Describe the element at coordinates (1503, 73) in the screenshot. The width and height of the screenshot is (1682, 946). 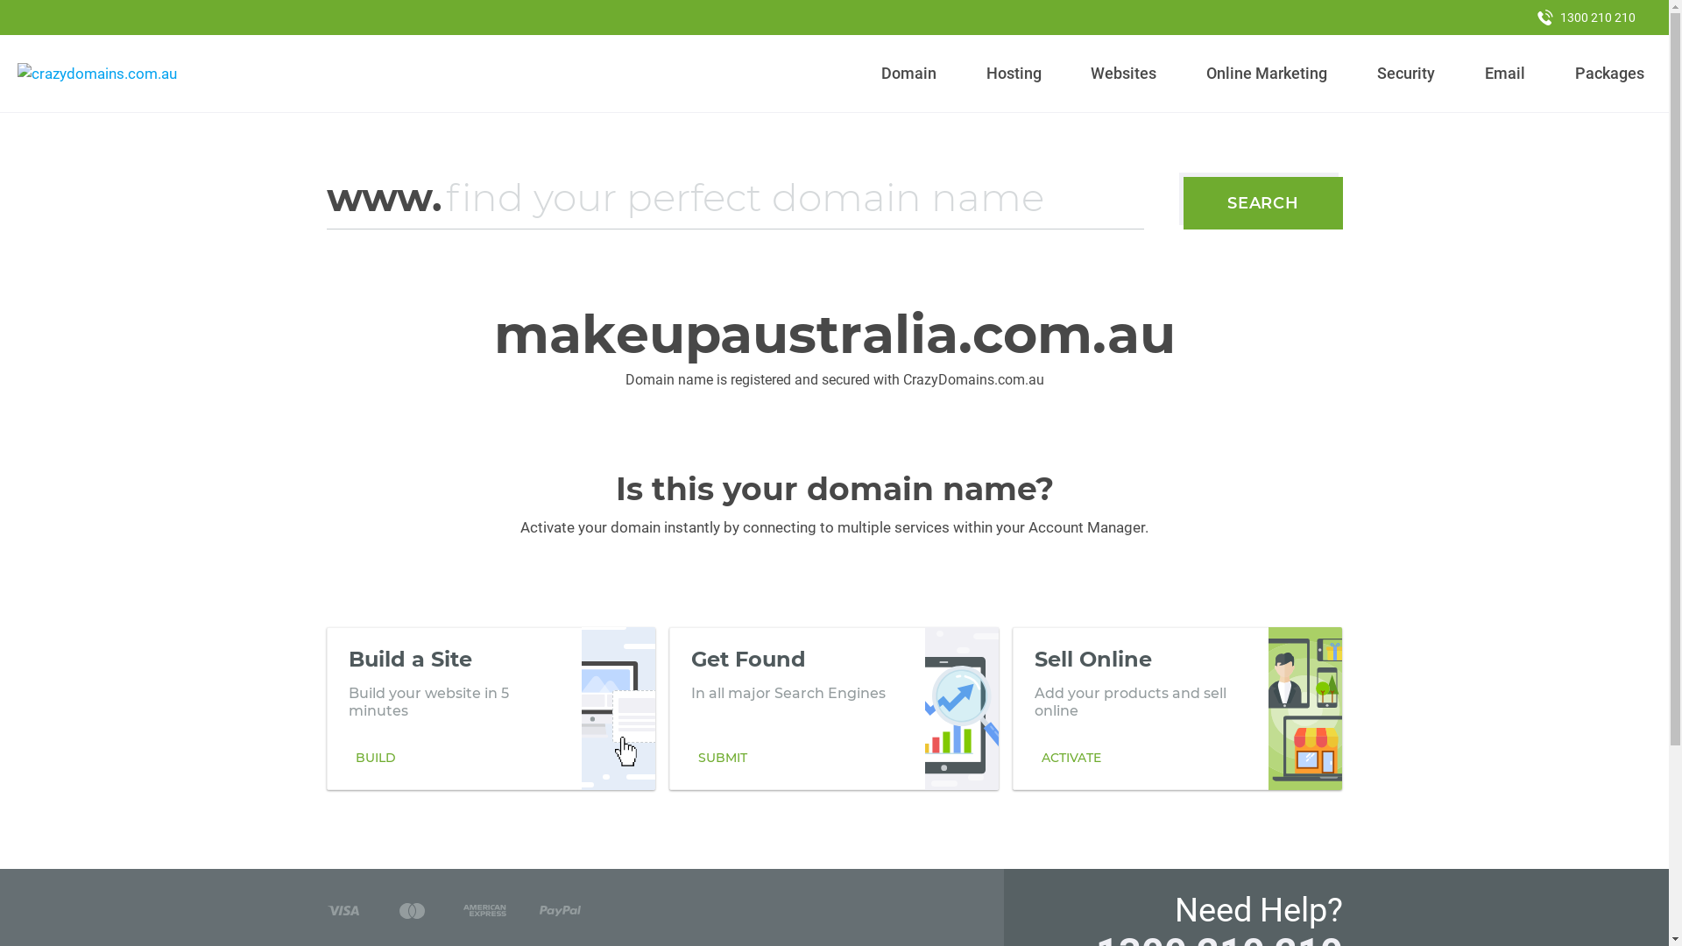
I see `'Email'` at that location.